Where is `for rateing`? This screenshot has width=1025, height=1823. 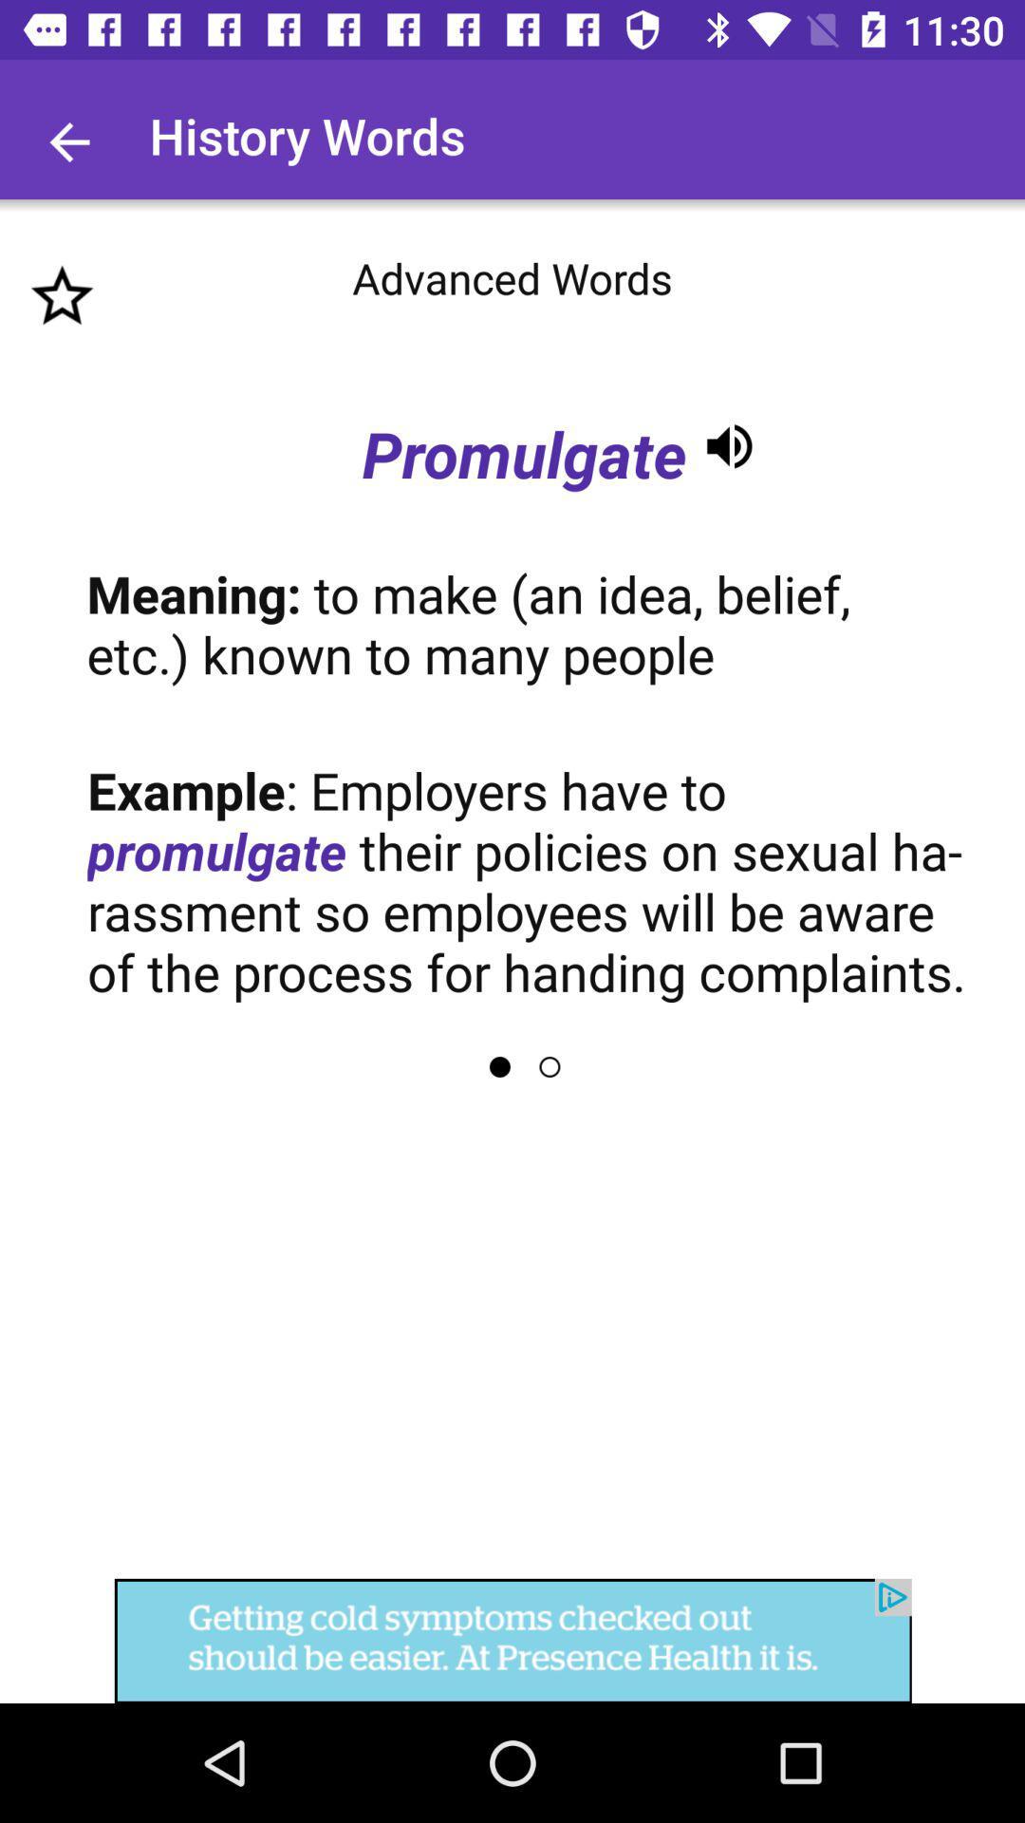 for rateing is located at coordinates (61, 295).